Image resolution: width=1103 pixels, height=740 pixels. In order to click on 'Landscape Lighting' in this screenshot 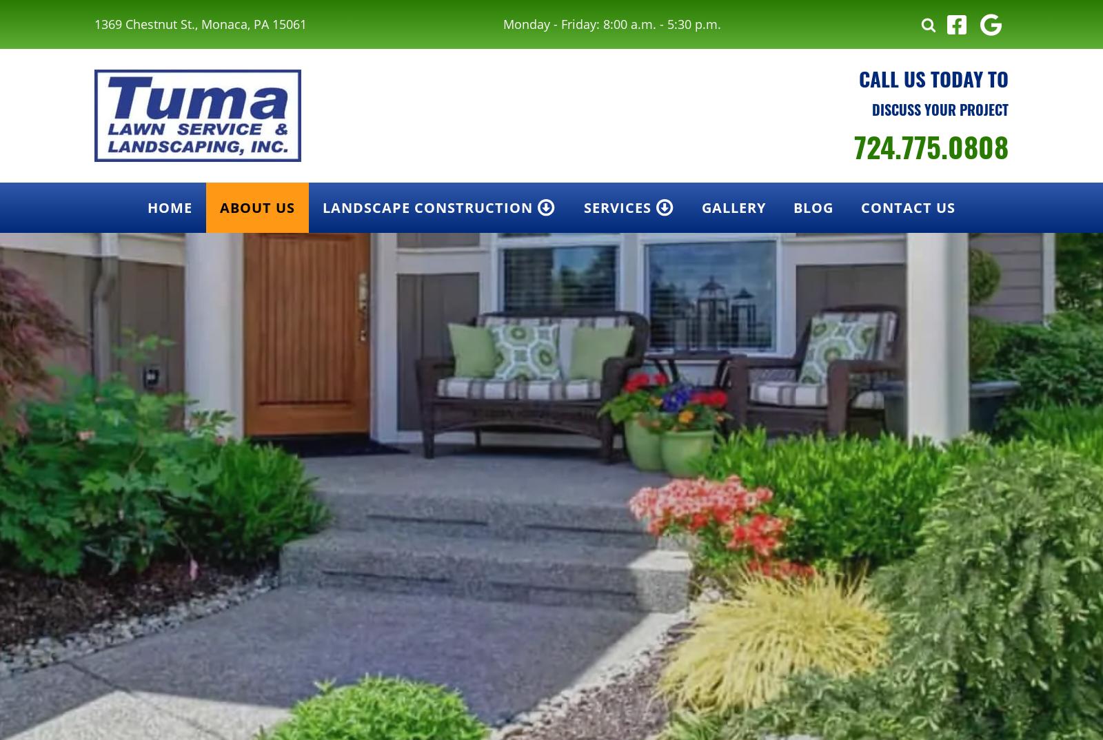, I will do `click(664, 298)`.